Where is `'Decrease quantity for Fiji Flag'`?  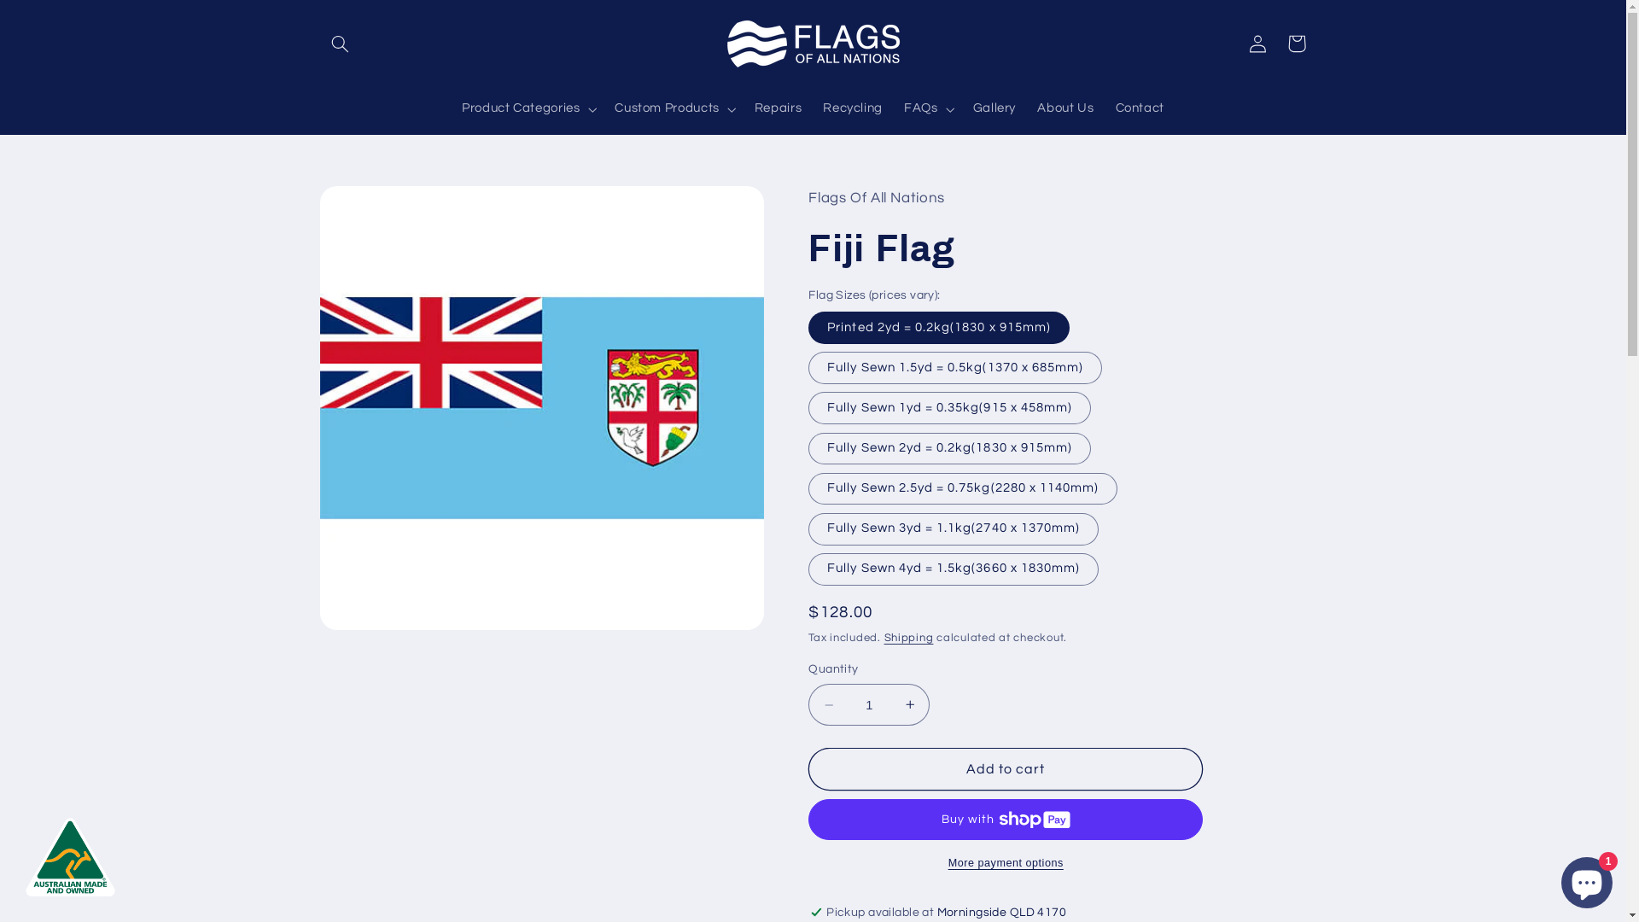
'Decrease quantity for Fiji Flag' is located at coordinates (828, 704).